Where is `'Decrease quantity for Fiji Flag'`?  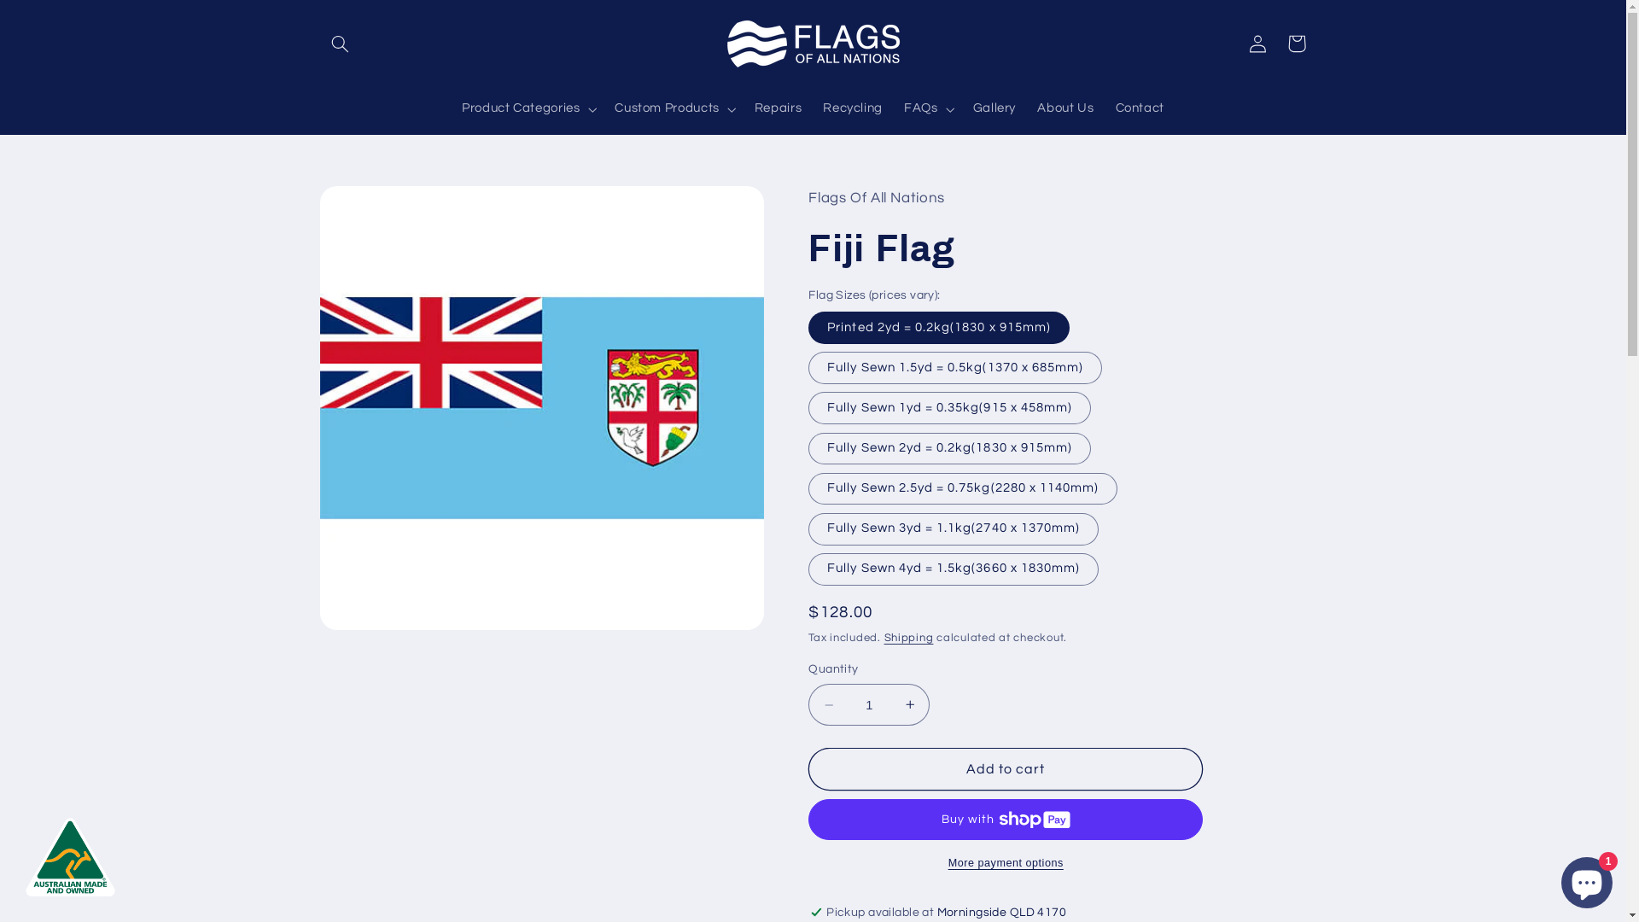
'Decrease quantity for Fiji Flag' is located at coordinates (828, 704).